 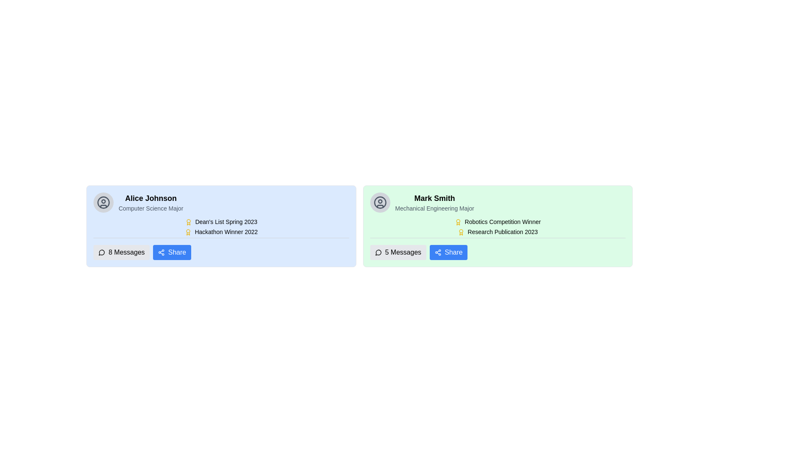 I want to click on the avatar icon for 'Alice Johnson', which serves as a visual placeholder for the user's profile, so click(x=103, y=202).